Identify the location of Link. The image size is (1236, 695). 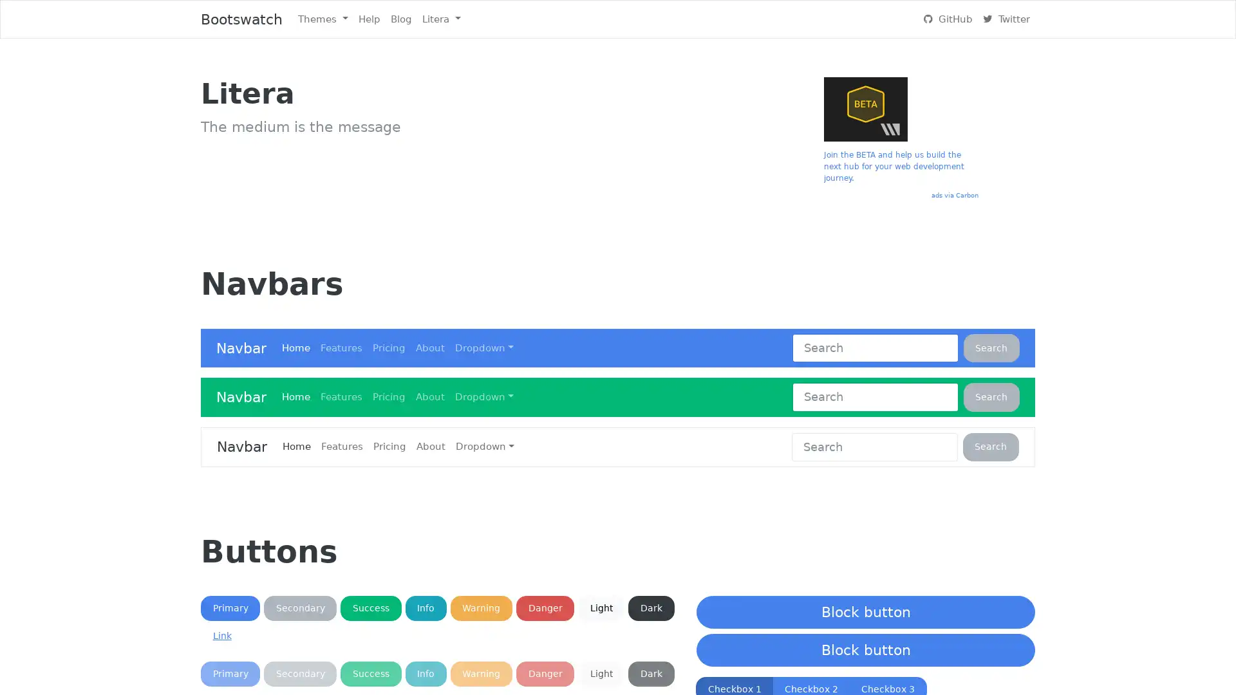
(222, 635).